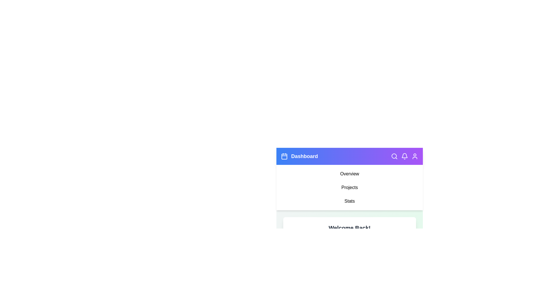 This screenshot has width=546, height=307. Describe the element at coordinates (349, 174) in the screenshot. I see `the 'Overview' menu item to activate it` at that location.